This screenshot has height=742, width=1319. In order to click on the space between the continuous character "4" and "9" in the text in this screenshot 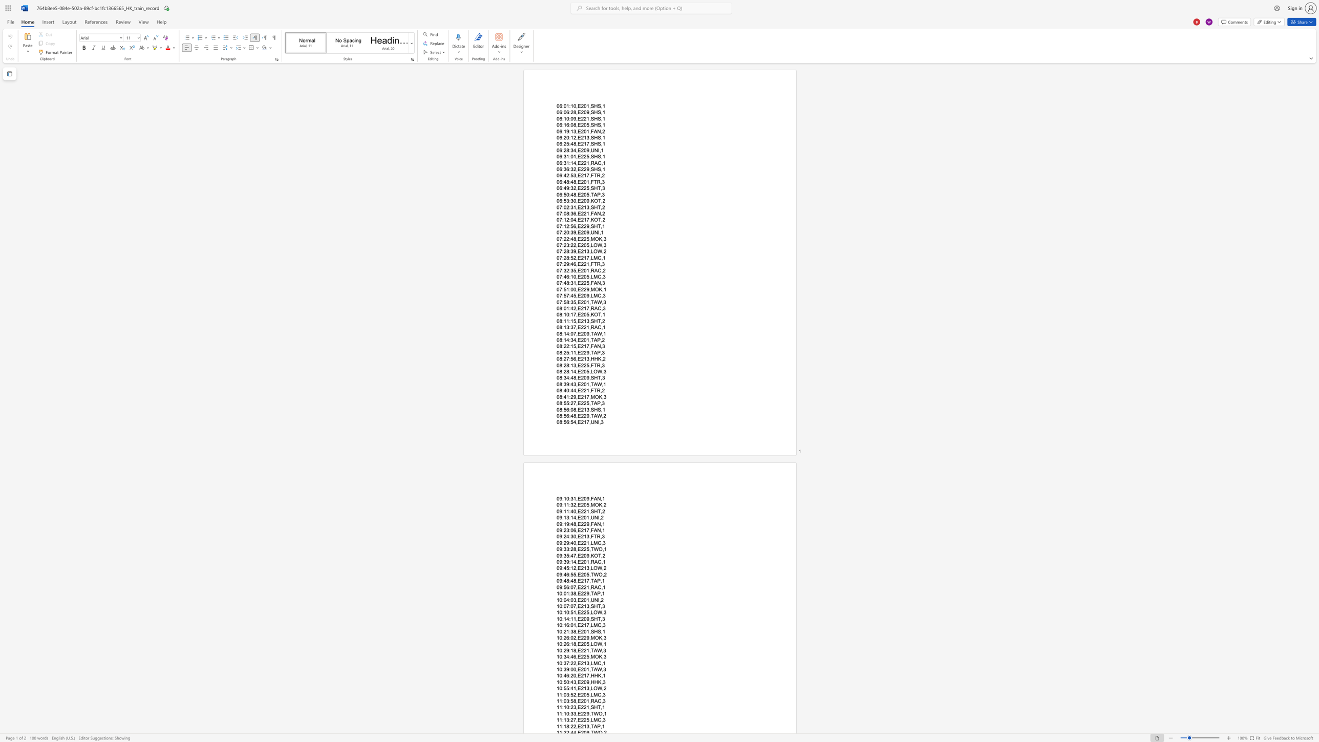, I will do `click(566, 187)`.